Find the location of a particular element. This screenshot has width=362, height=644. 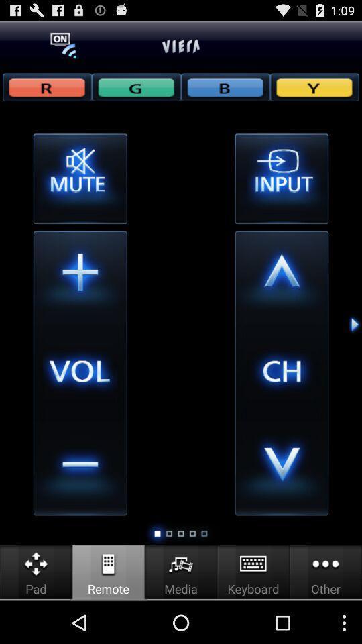

the icon which is above the media option is located at coordinates (181, 563).